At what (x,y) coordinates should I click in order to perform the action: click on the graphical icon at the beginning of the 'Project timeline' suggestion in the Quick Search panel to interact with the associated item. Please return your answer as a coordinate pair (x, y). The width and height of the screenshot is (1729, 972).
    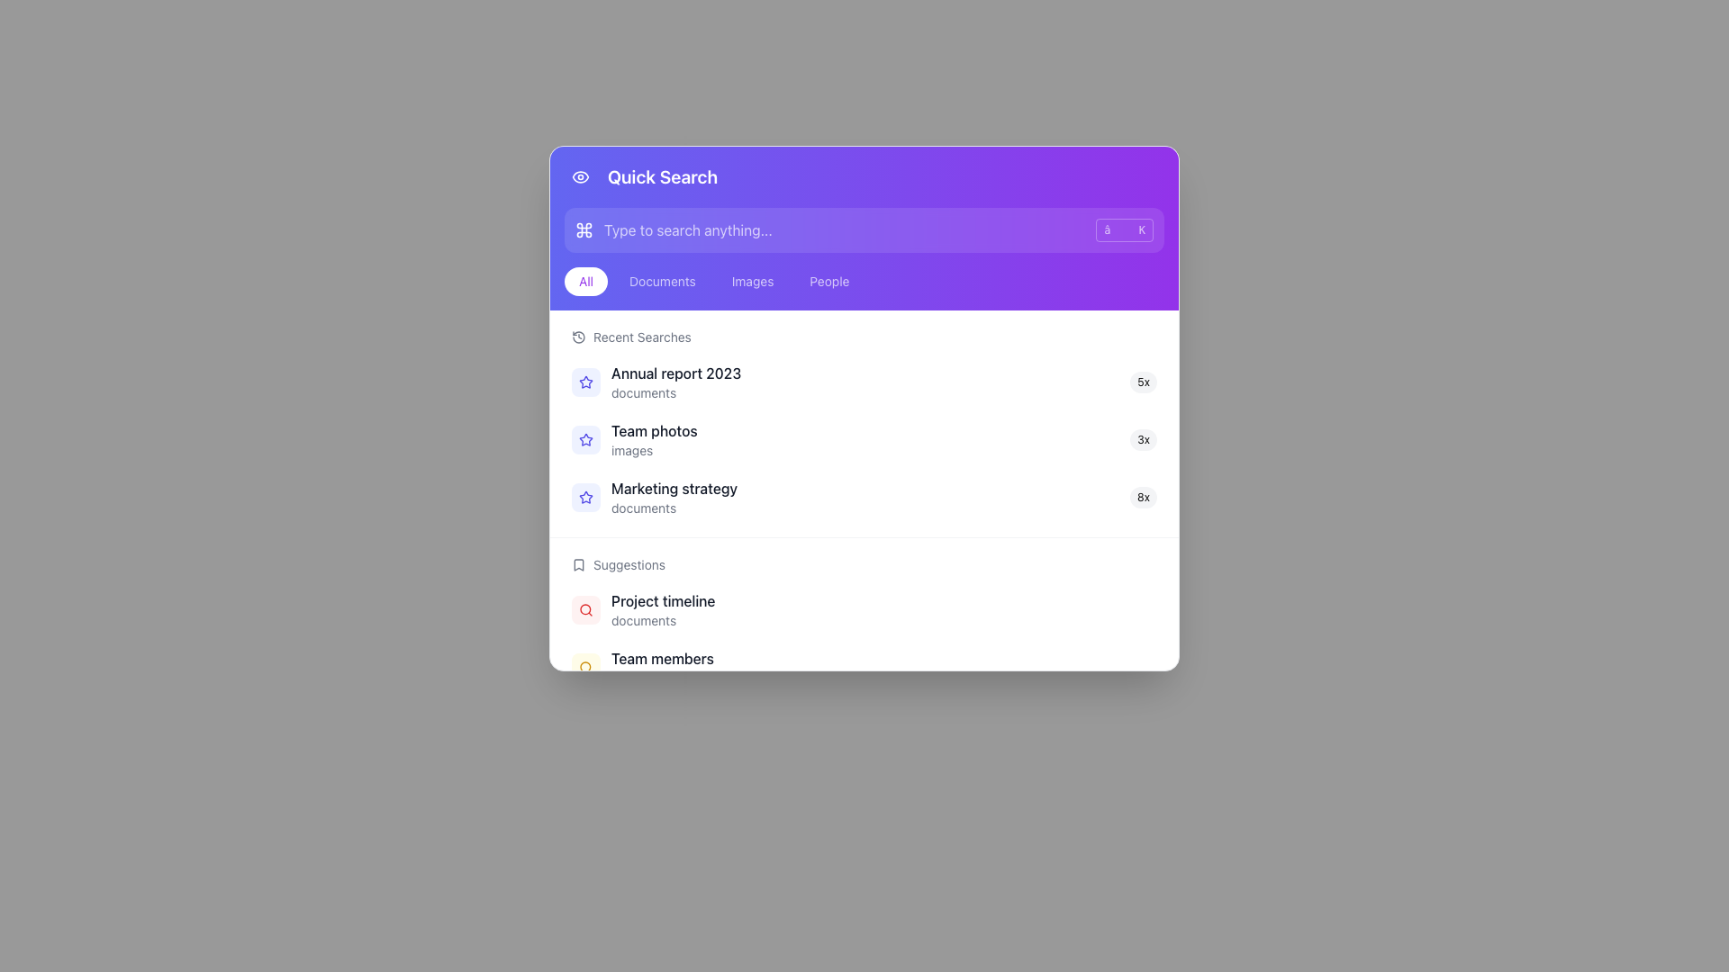
    Looking at the image, I should click on (586, 609).